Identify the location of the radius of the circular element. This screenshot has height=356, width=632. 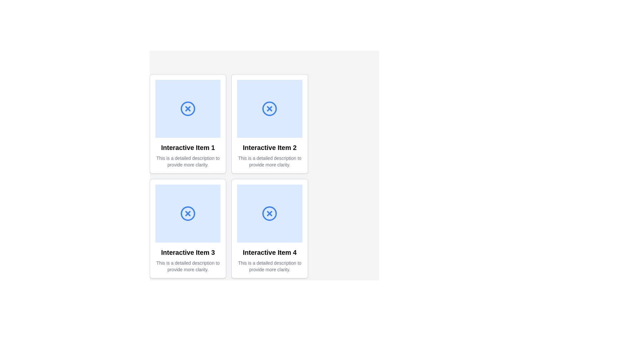
(289, 108).